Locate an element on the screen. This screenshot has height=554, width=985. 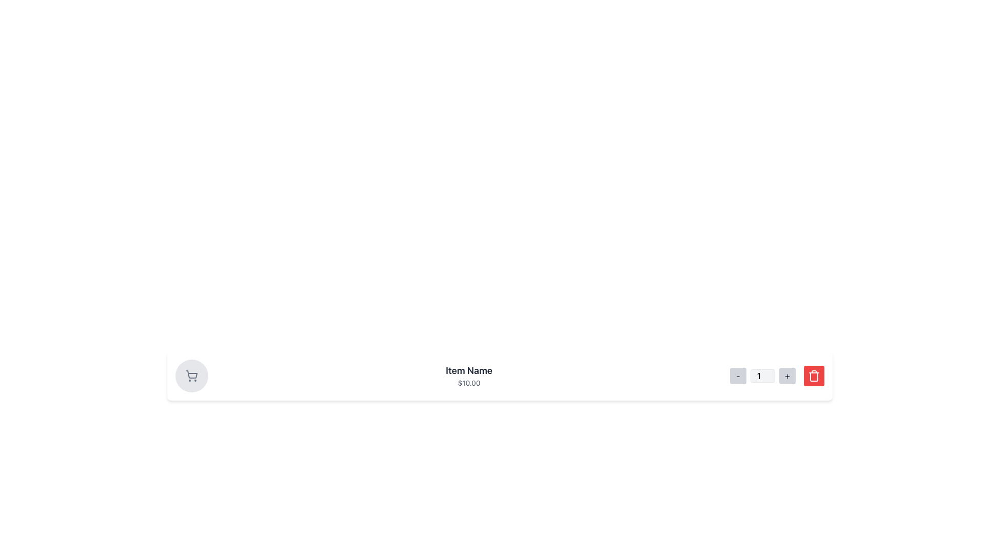
the delete button located on the far-right of the horizontal layout, next to the '+' button is located at coordinates (814, 375).